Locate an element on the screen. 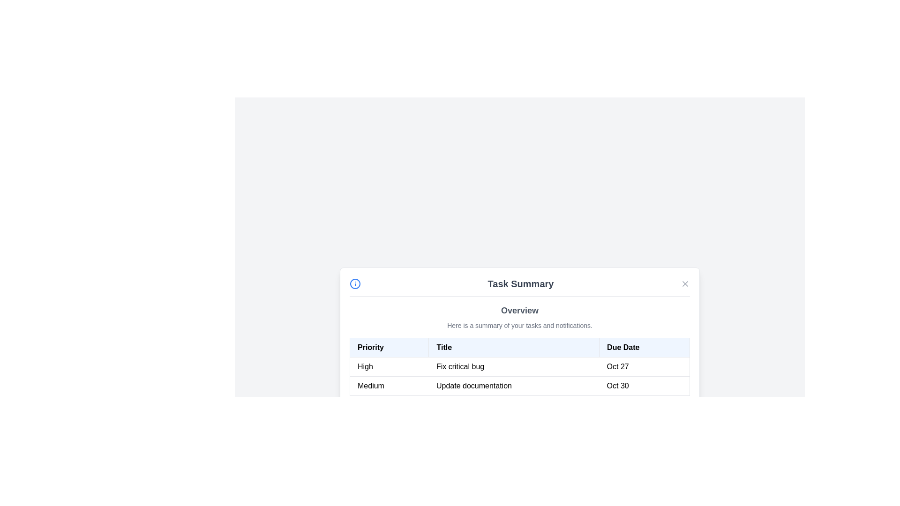 The width and height of the screenshot is (900, 506). the informational icon located to the far left of the 'Task Summary' section, adjacent to the text 'Task Summary' is located at coordinates (355, 283).